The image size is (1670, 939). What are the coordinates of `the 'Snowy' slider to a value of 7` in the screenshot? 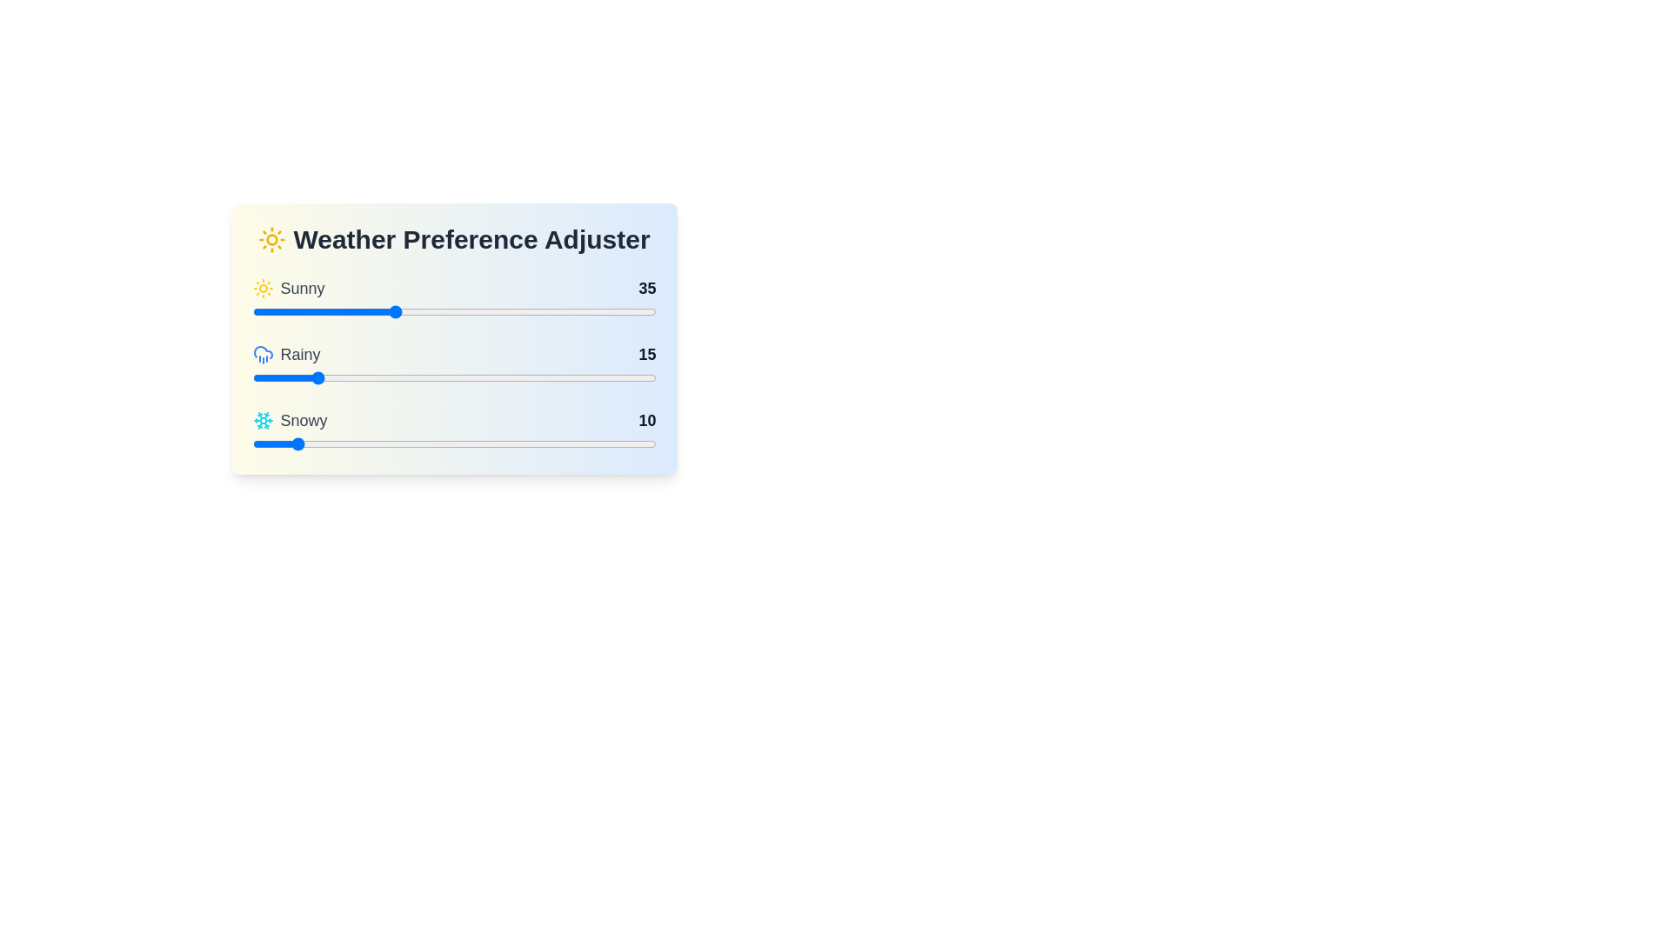 It's located at (280, 443).